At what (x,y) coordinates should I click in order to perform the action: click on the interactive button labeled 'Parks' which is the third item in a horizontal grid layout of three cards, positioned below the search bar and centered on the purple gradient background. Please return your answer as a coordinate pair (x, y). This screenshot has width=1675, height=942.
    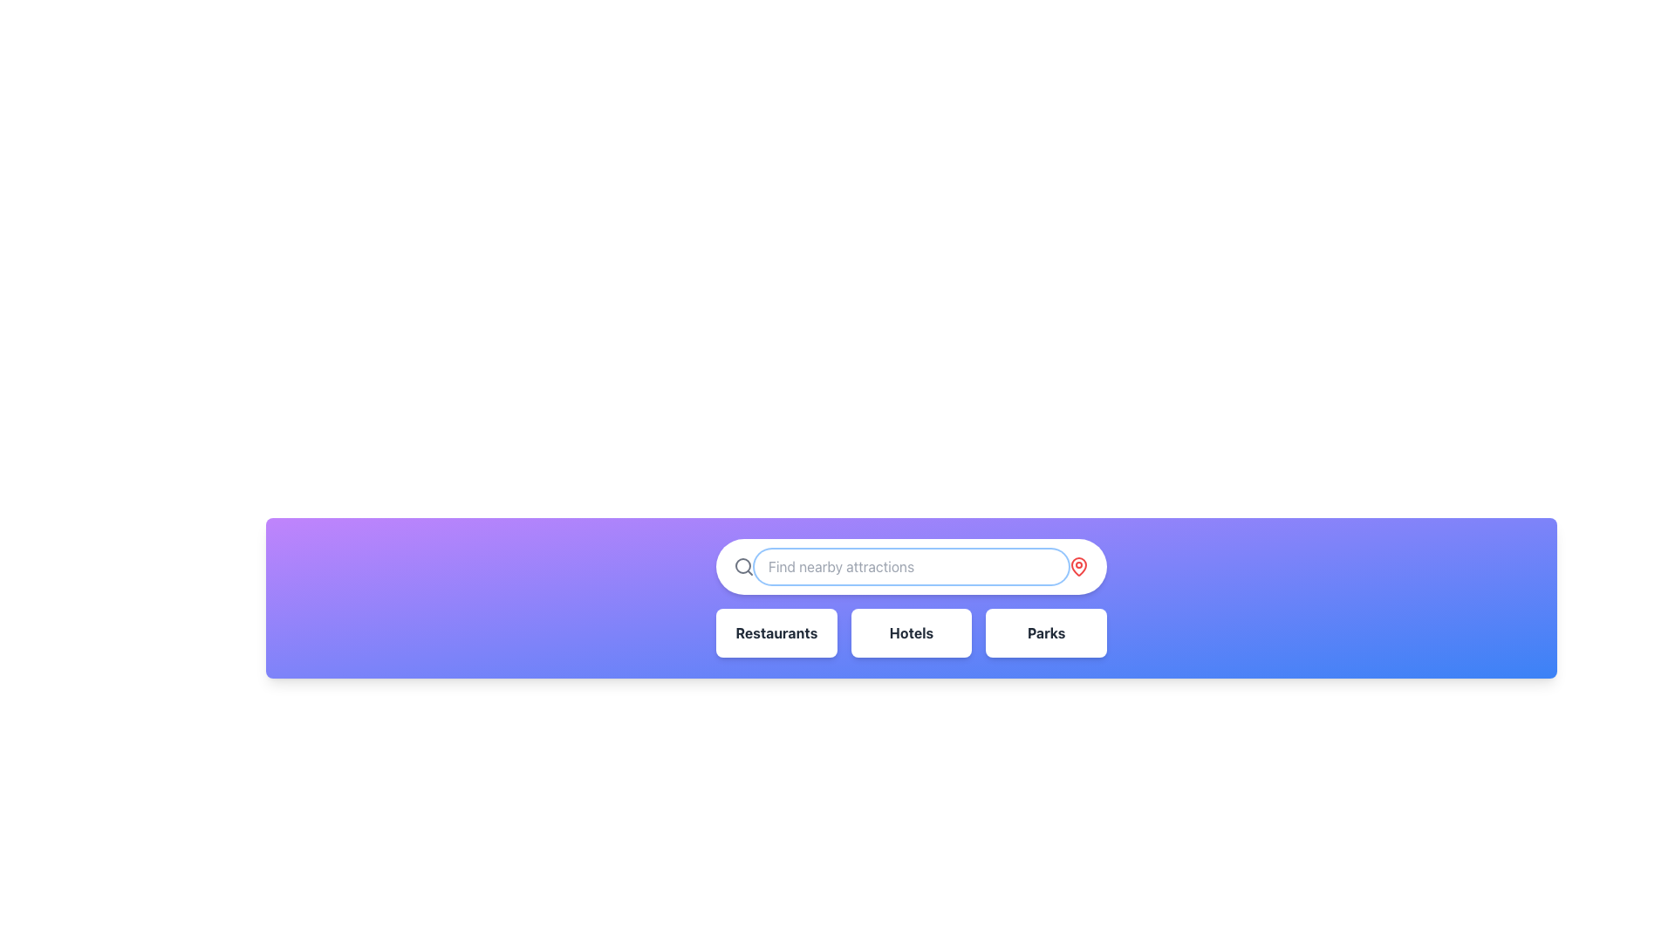
    Looking at the image, I should click on (1046, 632).